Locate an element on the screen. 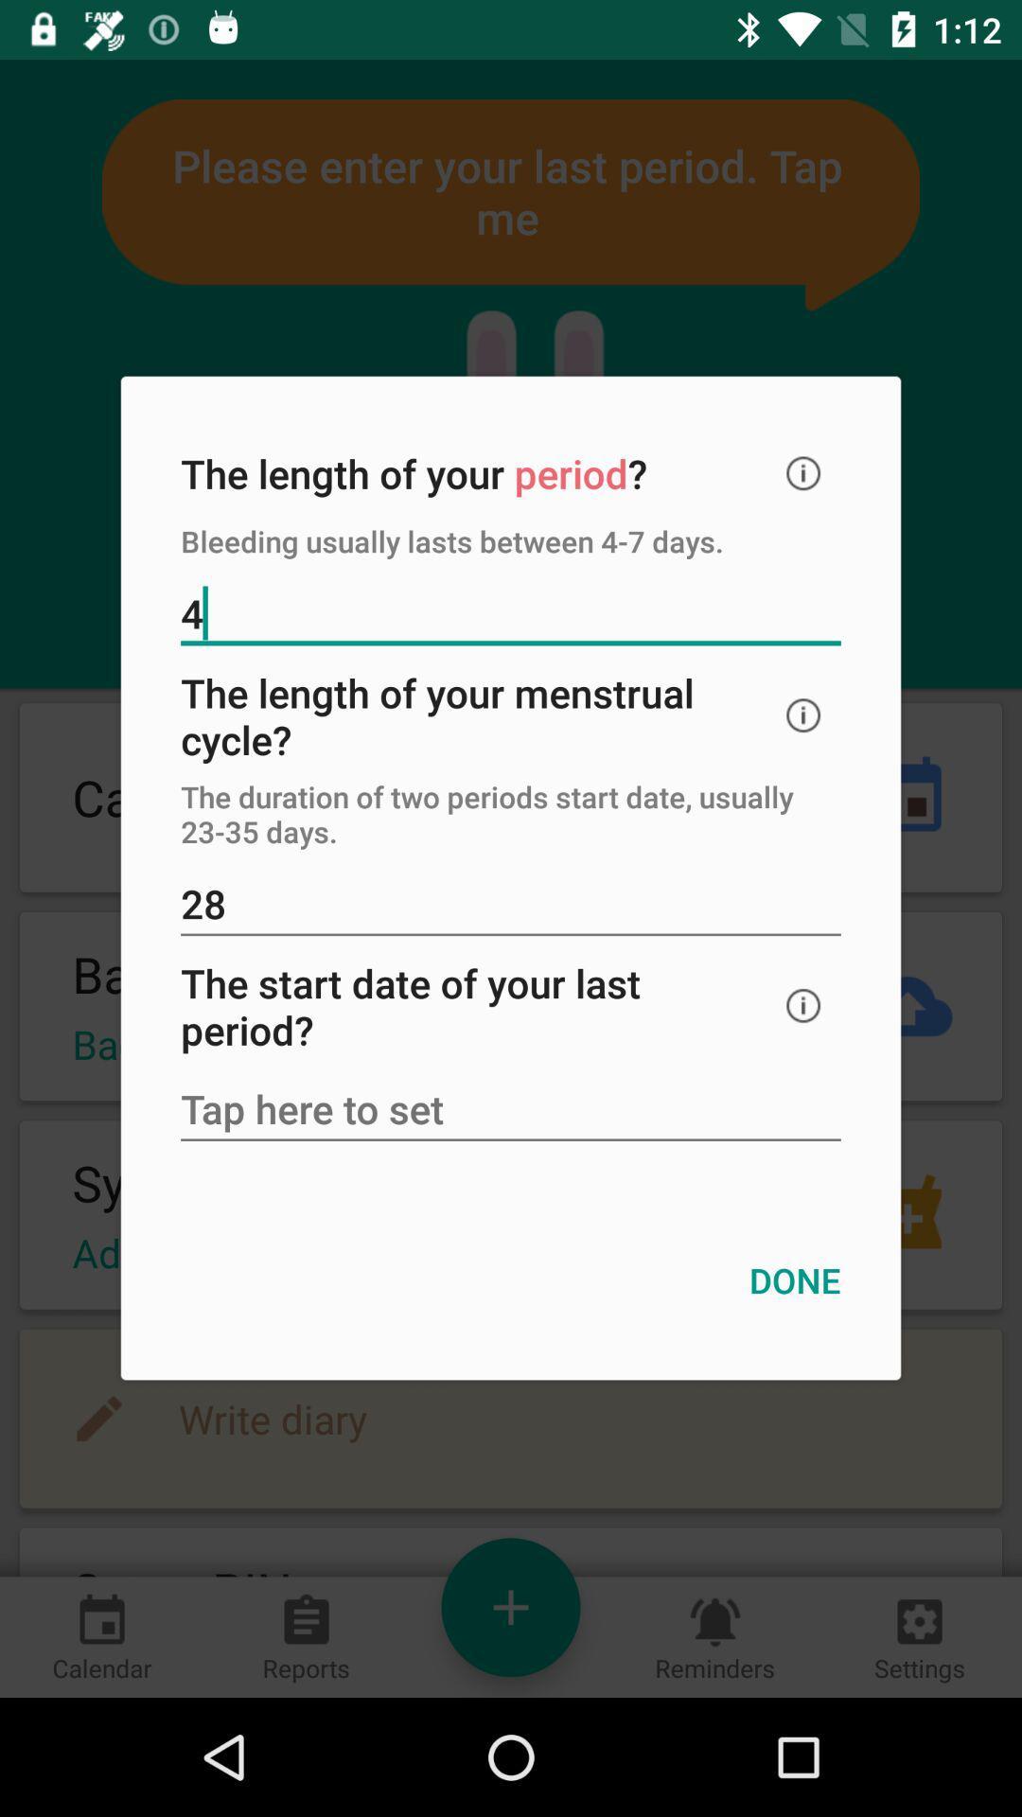 This screenshot has width=1022, height=1817. item above done icon is located at coordinates (511, 1111).